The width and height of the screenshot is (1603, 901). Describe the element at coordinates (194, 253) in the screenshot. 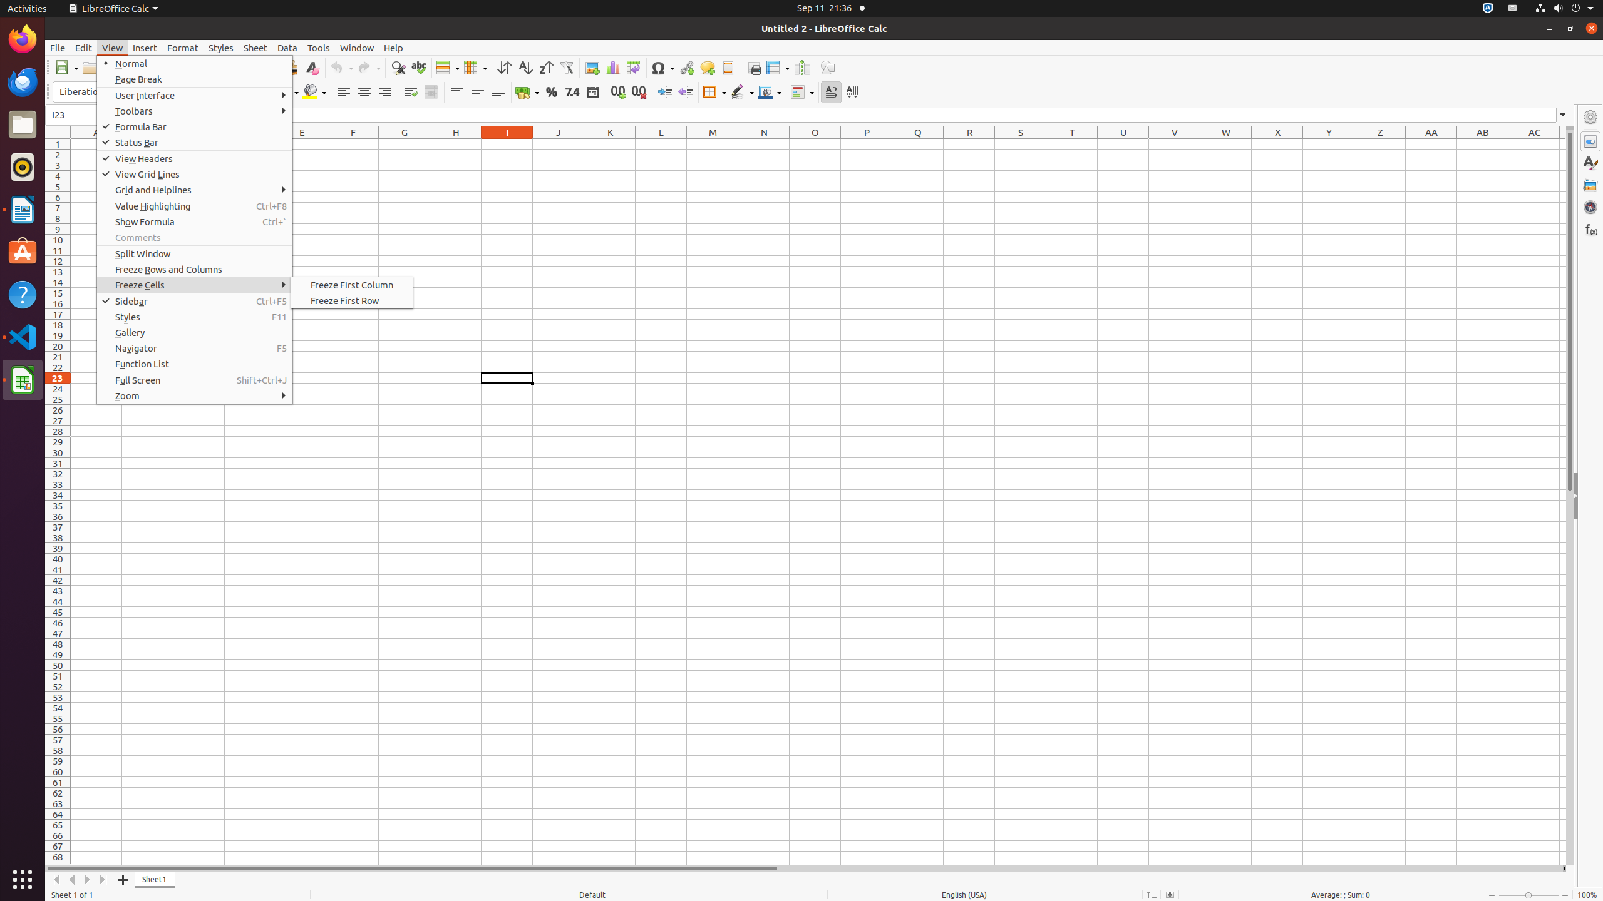

I see `'Split Window'` at that location.